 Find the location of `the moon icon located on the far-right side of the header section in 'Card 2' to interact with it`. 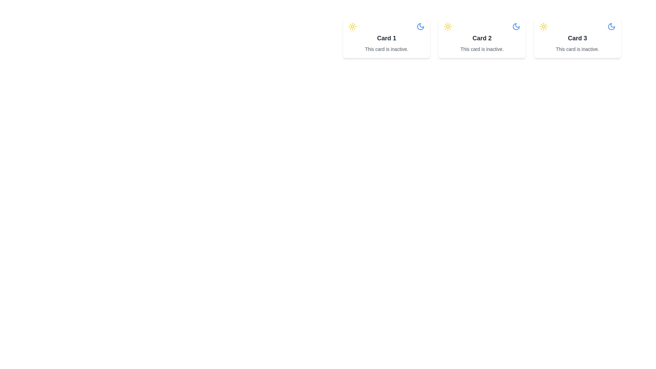

the moon icon located on the far-right side of the header section in 'Card 2' to interact with it is located at coordinates (516, 26).